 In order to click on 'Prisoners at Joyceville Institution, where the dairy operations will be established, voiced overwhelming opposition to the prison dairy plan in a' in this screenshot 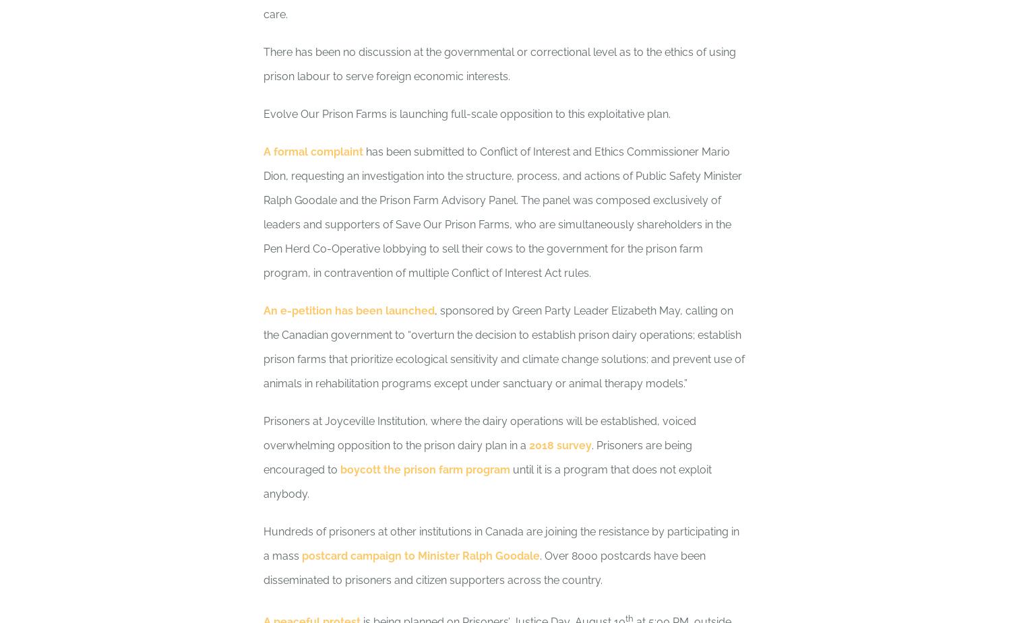, I will do `click(479, 433)`.